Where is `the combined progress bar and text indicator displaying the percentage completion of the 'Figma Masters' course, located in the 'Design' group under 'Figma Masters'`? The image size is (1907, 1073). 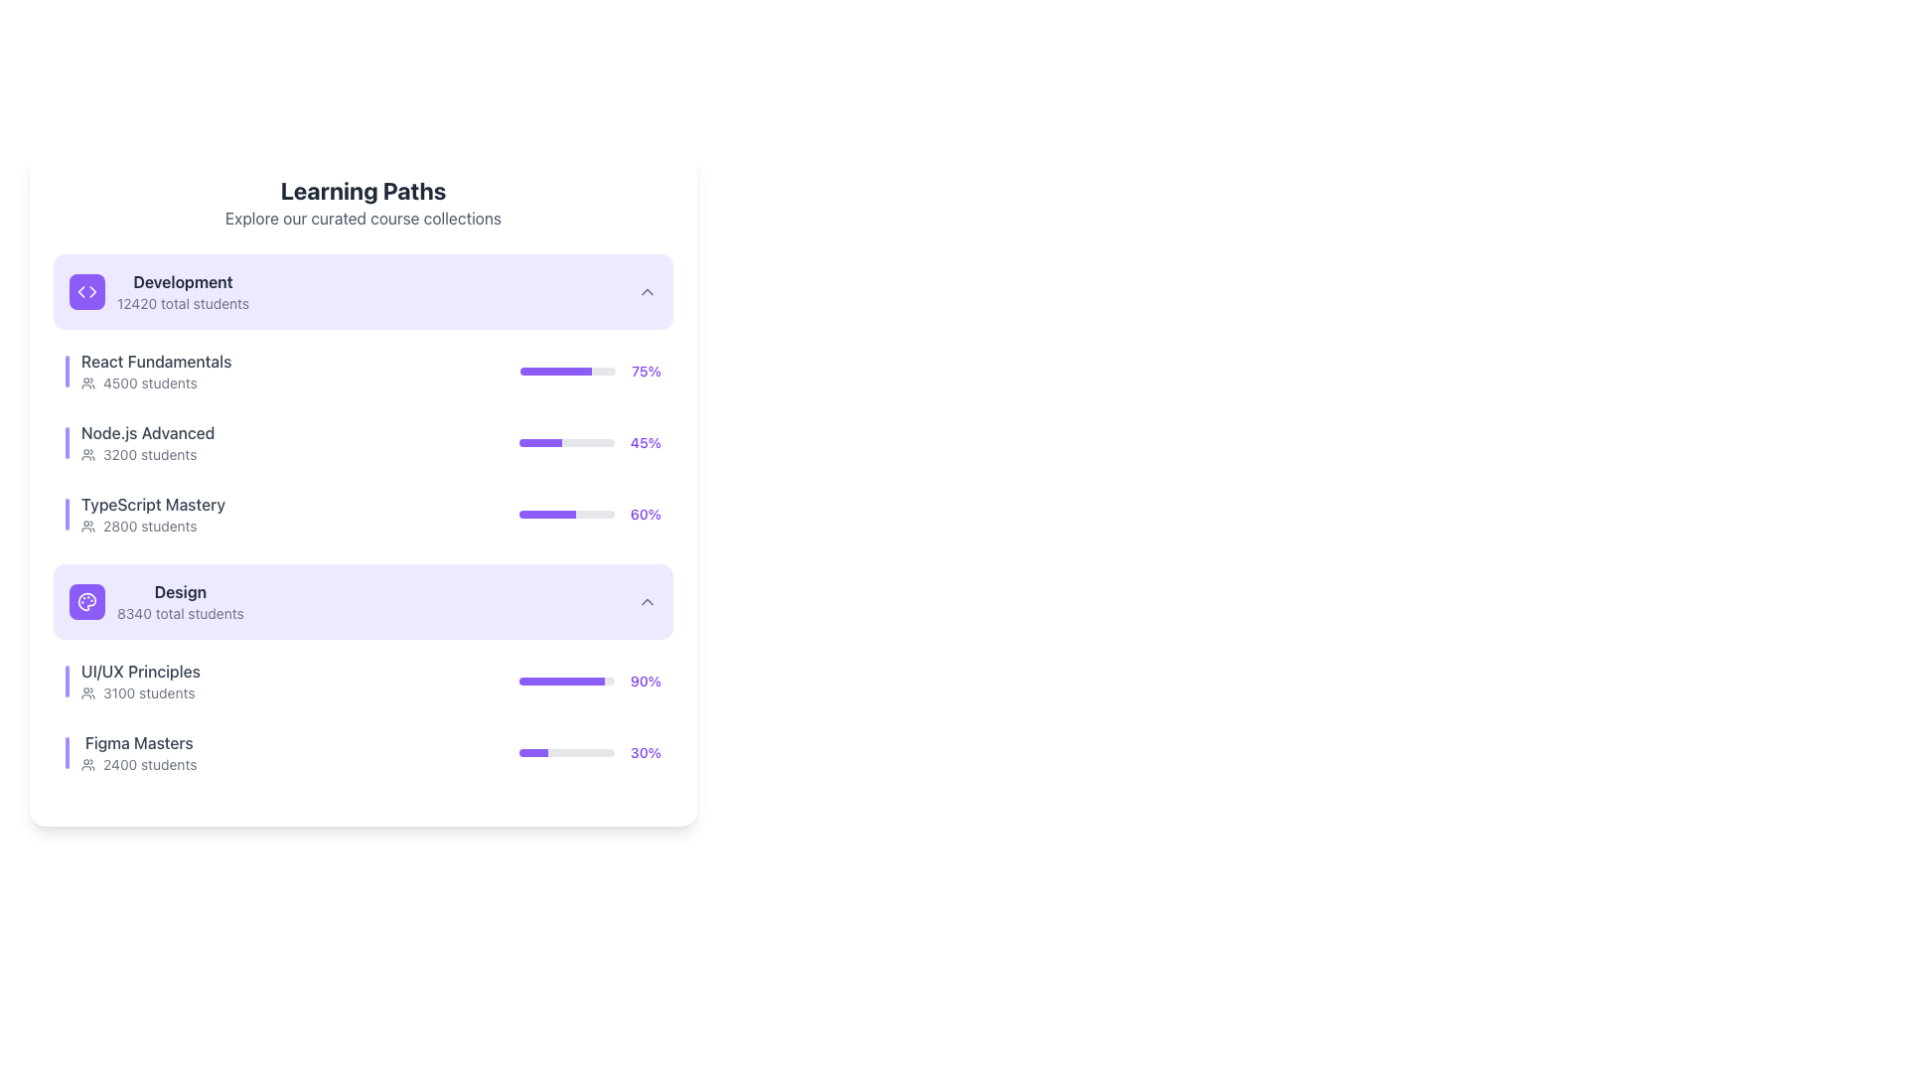
the combined progress bar and text indicator displaying the percentage completion of the 'Figma Masters' course, located in the 'Design' group under 'Figma Masters' is located at coordinates (589, 753).